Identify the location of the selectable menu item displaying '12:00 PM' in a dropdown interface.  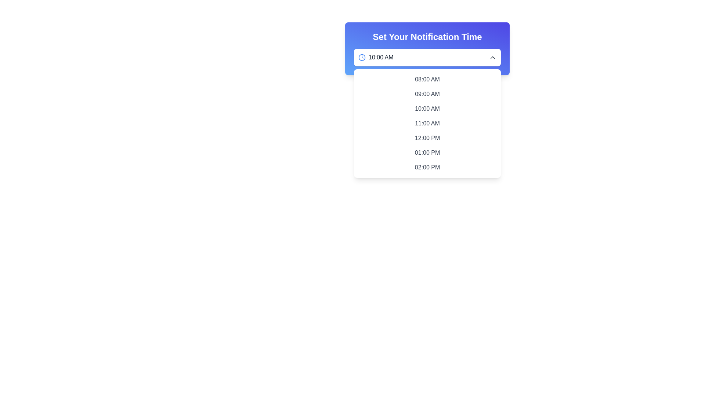
(427, 138).